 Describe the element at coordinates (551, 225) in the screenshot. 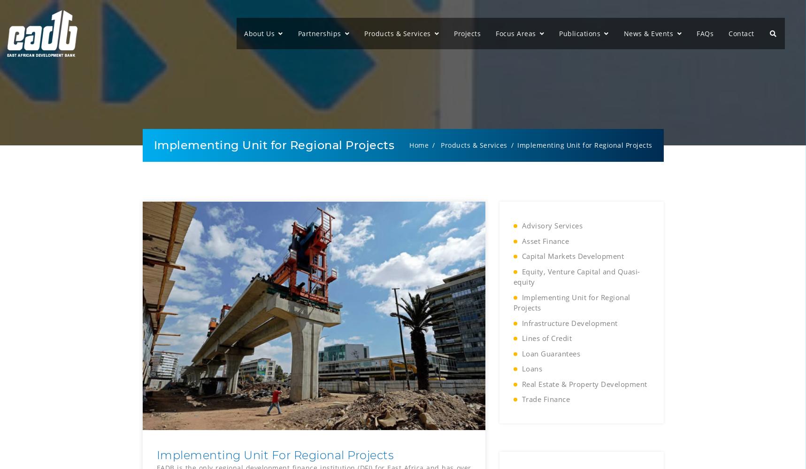

I see `'Advisory Services'` at that location.